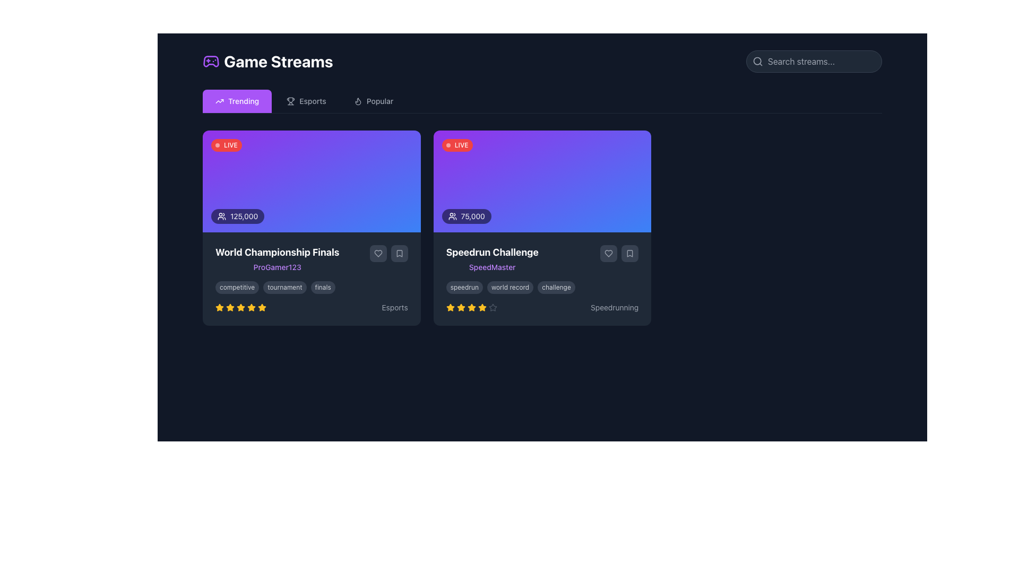 This screenshot has height=573, width=1019. What do you see at coordinates (291, 101) in the screenshot?
I see `the trophy icon representing competitions or achievements, located towards the center-left of the 'Esports' tab, preceding the textual label` at bounding box center [291, 101].